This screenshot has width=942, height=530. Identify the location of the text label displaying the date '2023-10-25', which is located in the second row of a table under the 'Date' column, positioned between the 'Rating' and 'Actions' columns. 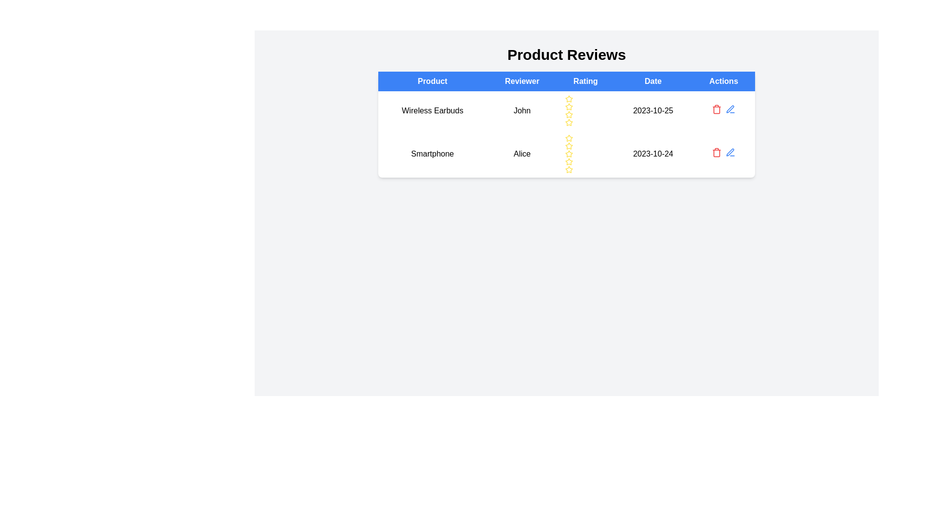
(653, 110).